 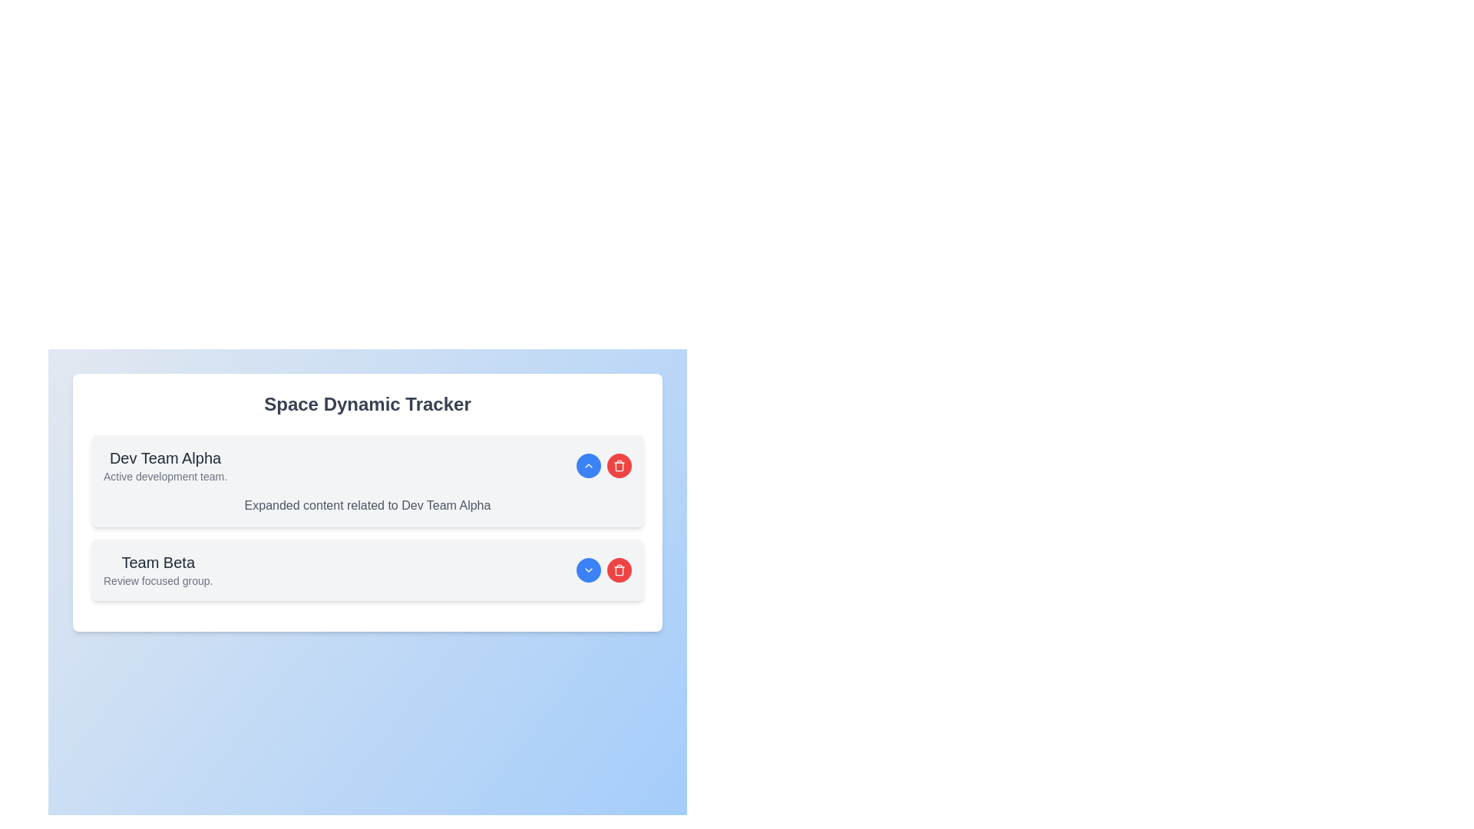 I want to click on text label that serves as a heading for the content below it, located at the central upper portion of the interface, so click(x=367, y=404).